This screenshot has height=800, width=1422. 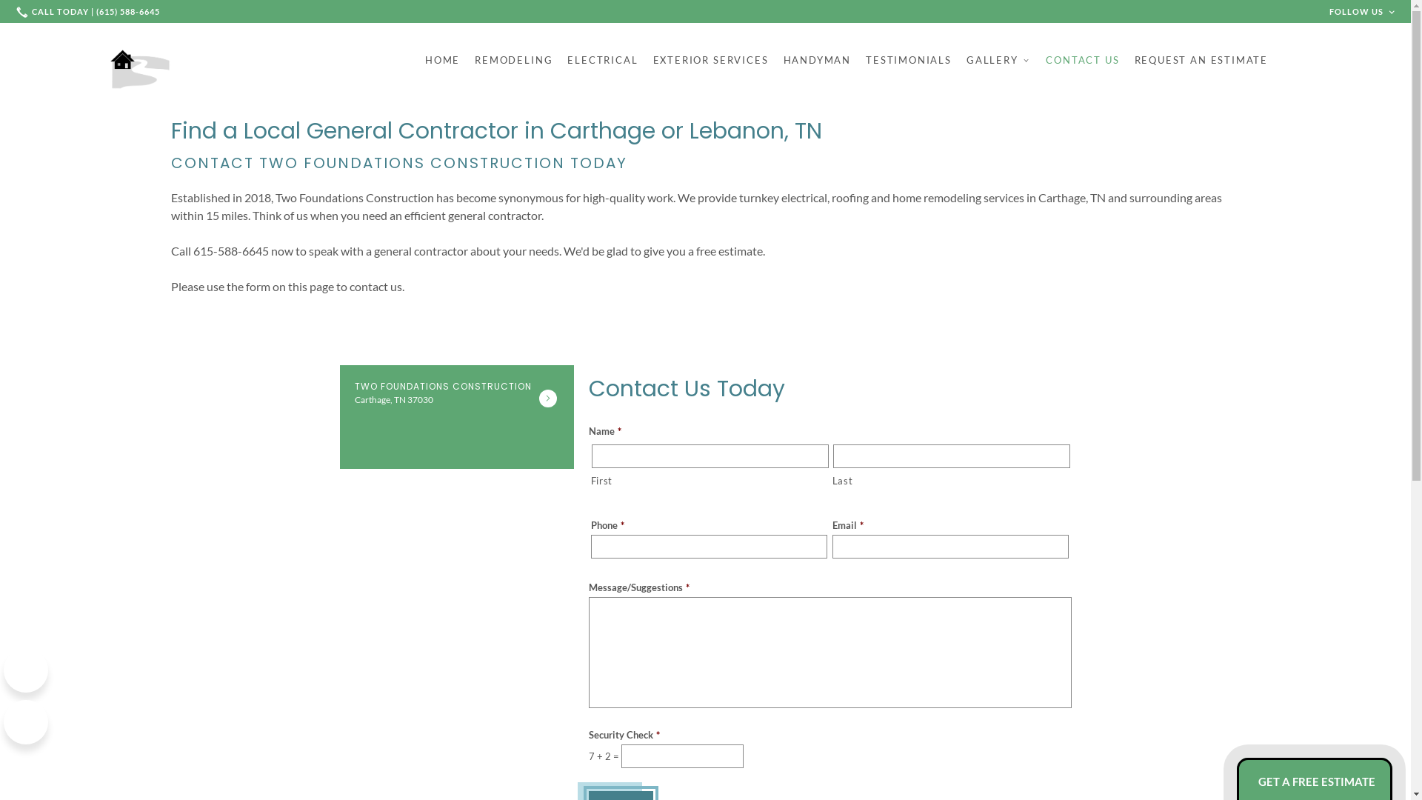 What do you see at coordinates (866, 59) in the screenshot?
I see `'TESTIMONIALS'` at bounding box center [866, 59].